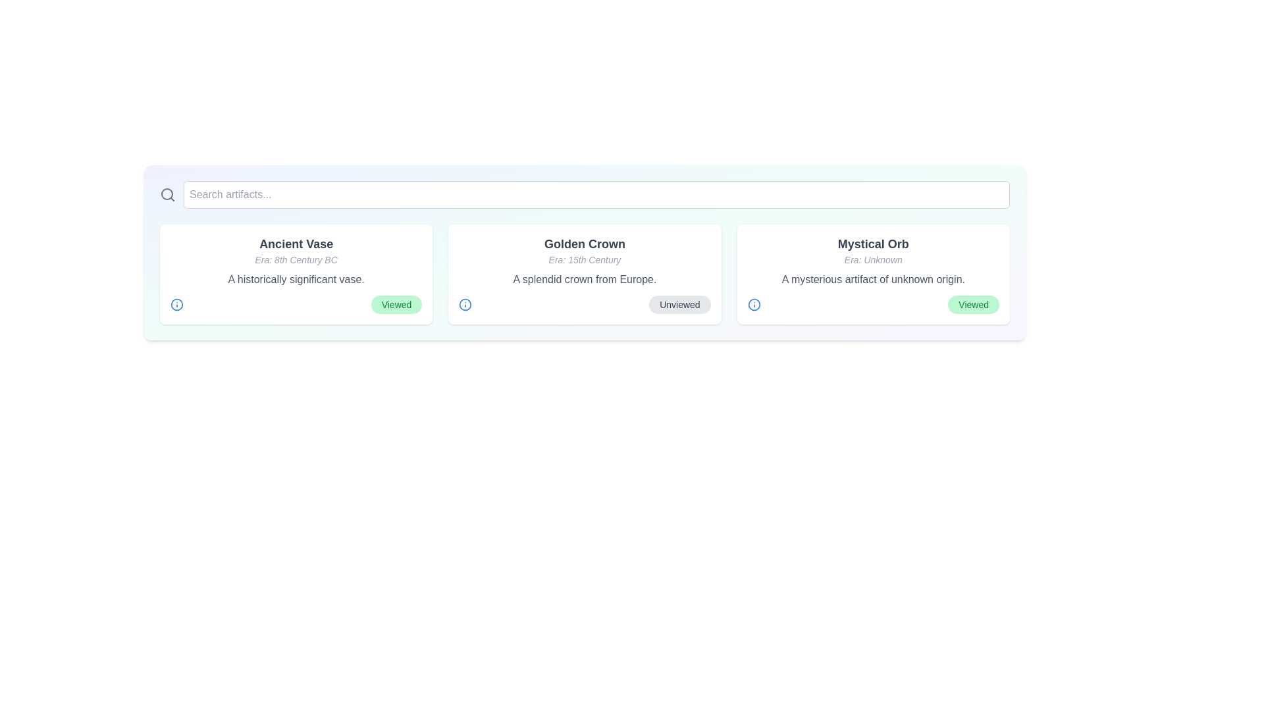 The image size is (1264, 711). I want to click on the card displaying information about Mystical Orb, so click(872, 273).